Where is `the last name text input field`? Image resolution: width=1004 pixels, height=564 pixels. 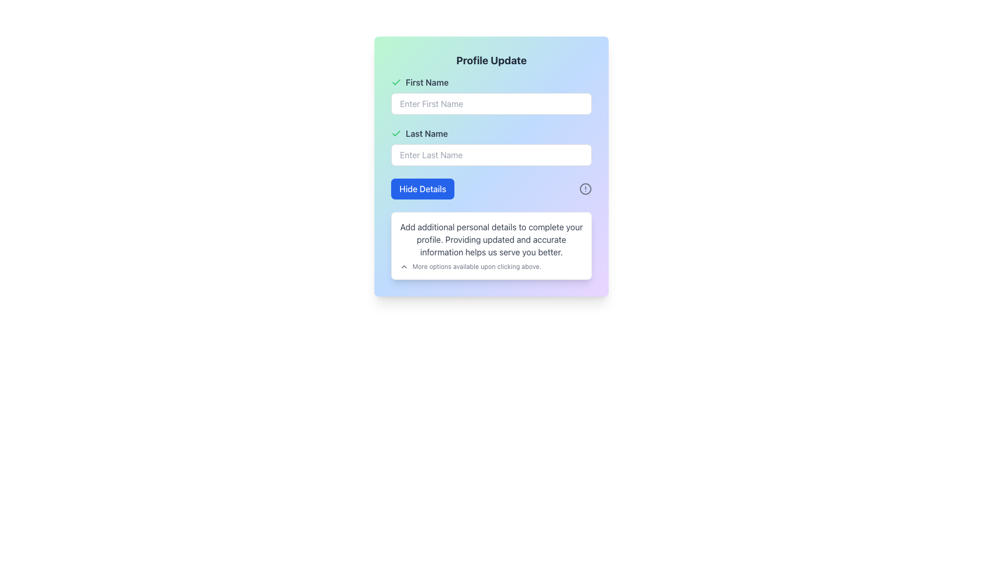 the last name text input field is located at coordinates (491, 147).